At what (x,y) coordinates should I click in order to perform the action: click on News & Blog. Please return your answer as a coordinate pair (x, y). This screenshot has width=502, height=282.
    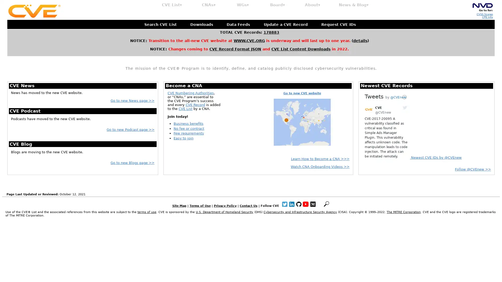
    Looking at the image, I should click on (354, 5).